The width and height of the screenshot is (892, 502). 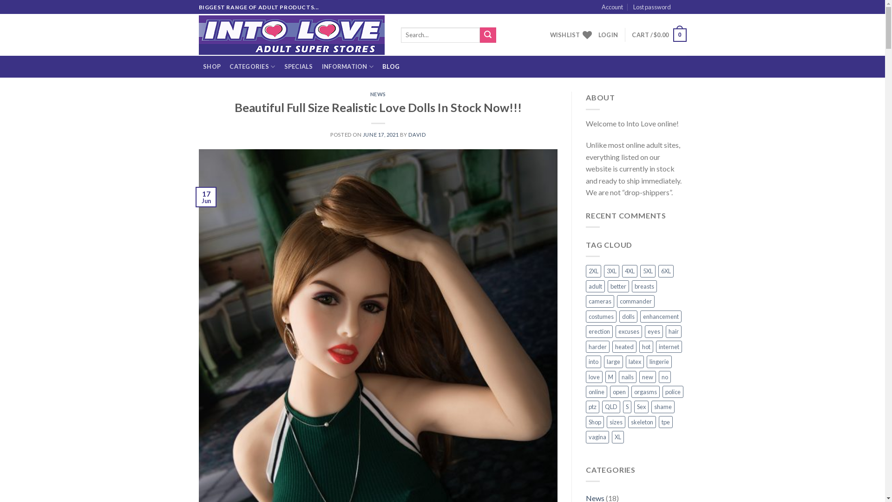 I want to click on '6XL', so click(x=665, y=271).